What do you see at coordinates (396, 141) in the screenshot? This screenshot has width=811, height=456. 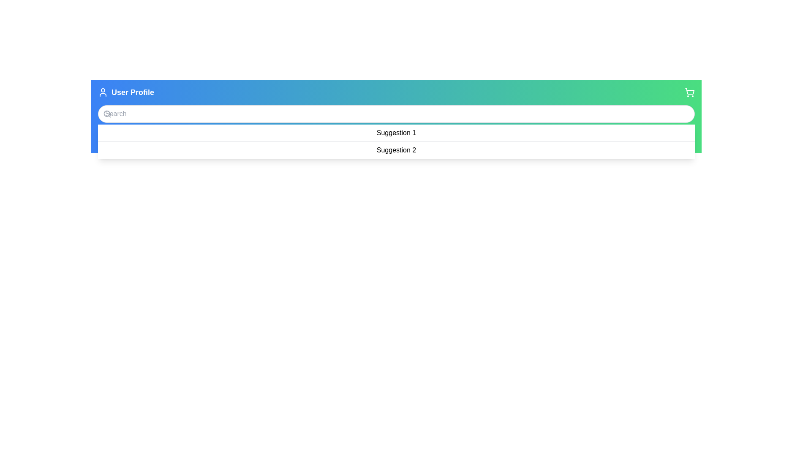 I see `the dropdown menu containing 'Suggestion 1' and 'Suggestion 2'` at bounding box center [396, 141].